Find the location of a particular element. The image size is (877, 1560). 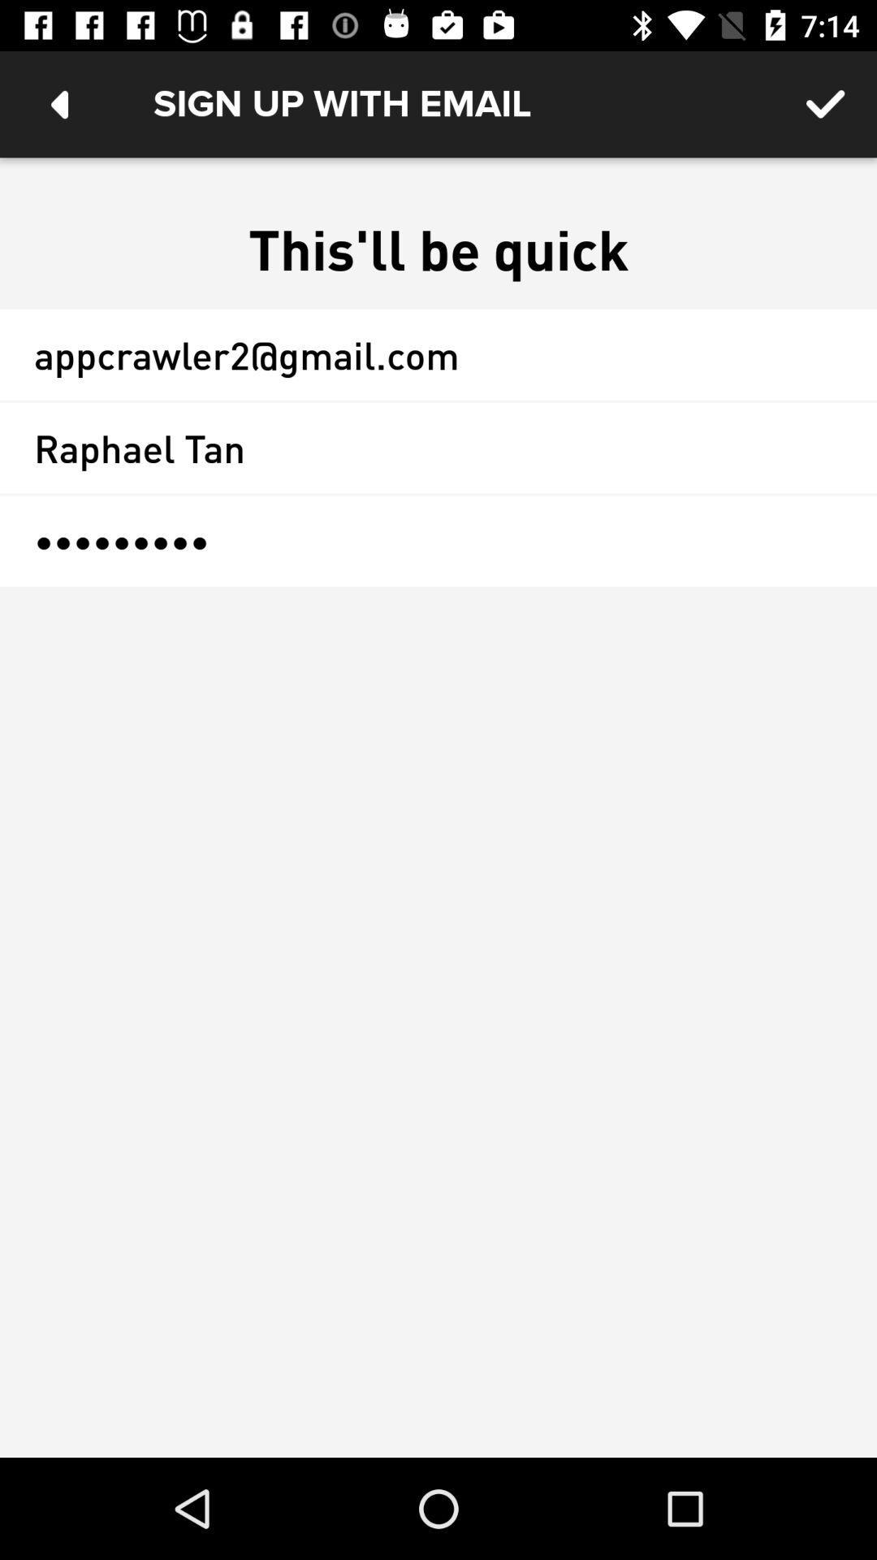

the icon above the this ll be icon is located at coordinates (58, 103).